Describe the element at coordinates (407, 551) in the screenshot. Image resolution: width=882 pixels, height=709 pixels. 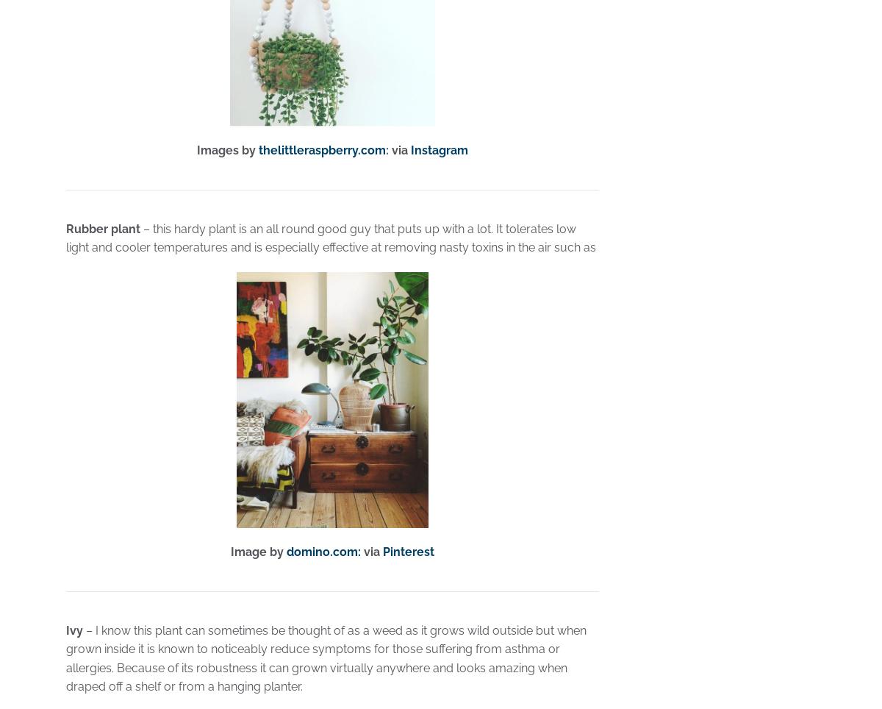
I see `'Pinterest'` at that location.